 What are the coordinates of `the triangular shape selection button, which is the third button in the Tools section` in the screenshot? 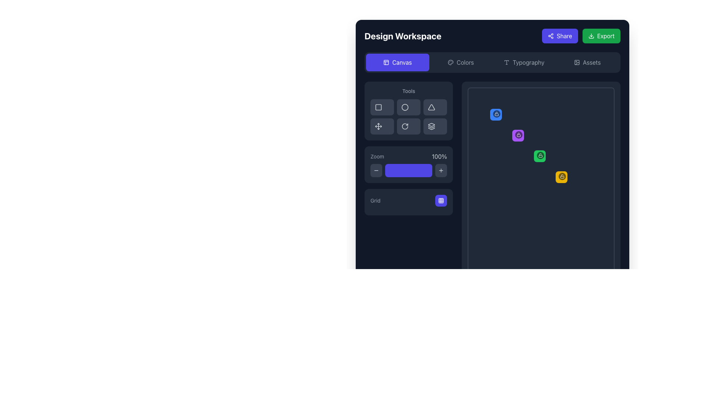 It's located at (435, 107).